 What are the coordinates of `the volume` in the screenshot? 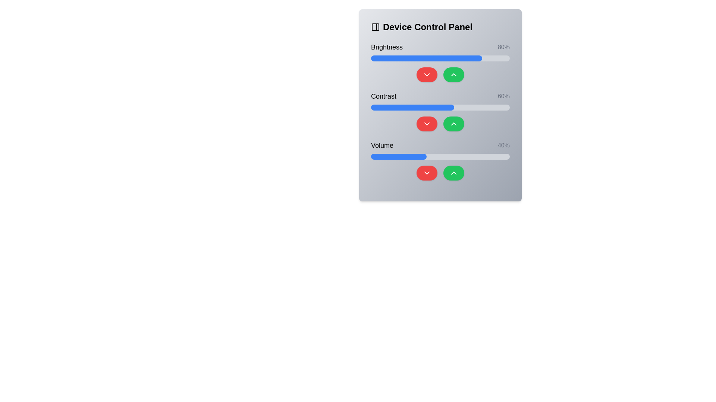 It's located at (371, 156).